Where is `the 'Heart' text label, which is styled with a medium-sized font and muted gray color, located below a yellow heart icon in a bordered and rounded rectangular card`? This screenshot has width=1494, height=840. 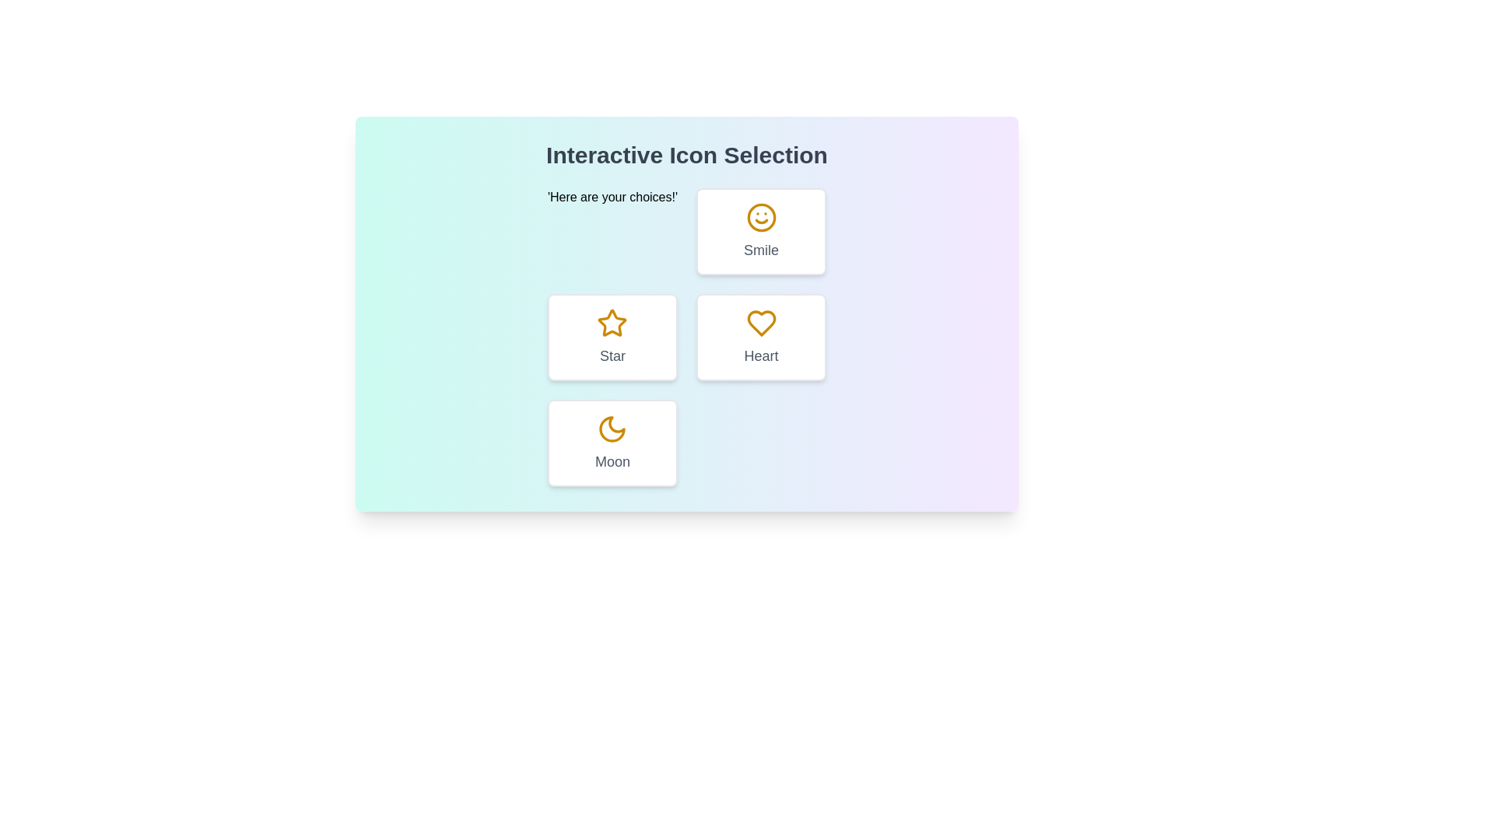
the 'Heart' text label, which is styled with a medium-sized font and muted gray color, located below a yellow heart icon in a bordered and rounded rectangular card is located at coordinates (761, 356).